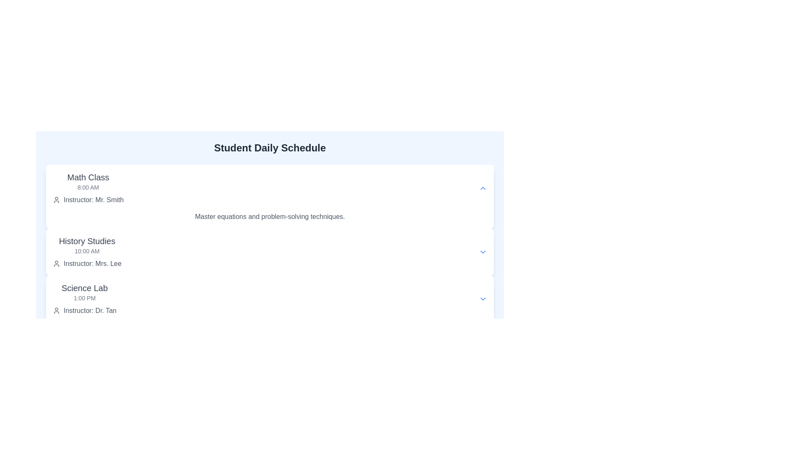 This screenshot has height=453, width=805. What do you see at coordinates (270, 252) in the screenshot?
I see `the informational section titled 'History Studies' for additional context` at bounding box center [270, 252].